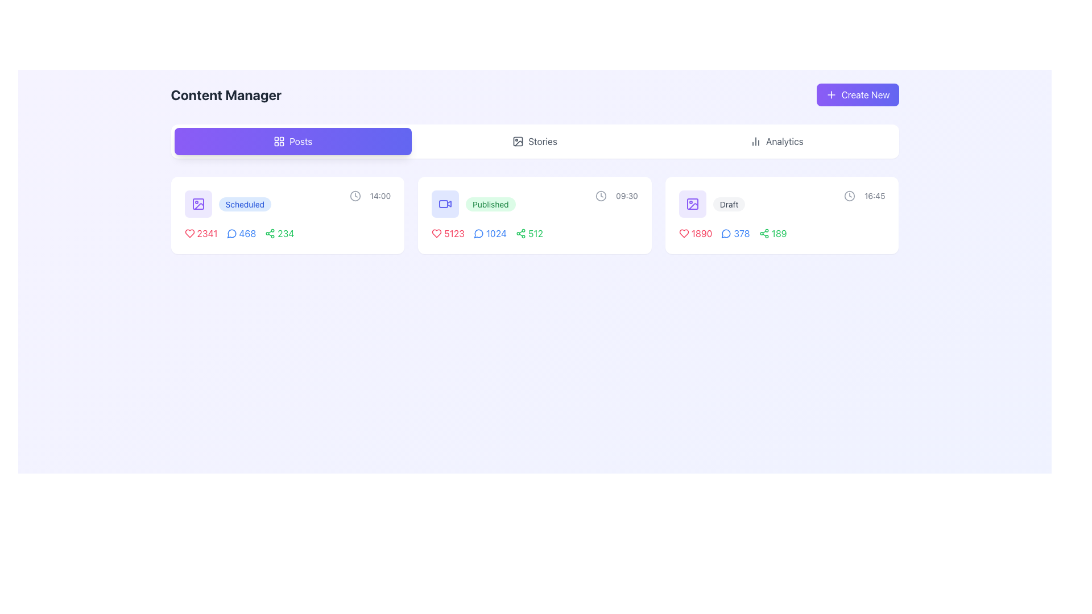 This screenshot has height=614, width=1092. Describe the element at coordinates (518, 141) in the screenshot. I see `the 'Stories' icon located in the navigation bar, positioned to the left of the text 'Stories'` at that location.